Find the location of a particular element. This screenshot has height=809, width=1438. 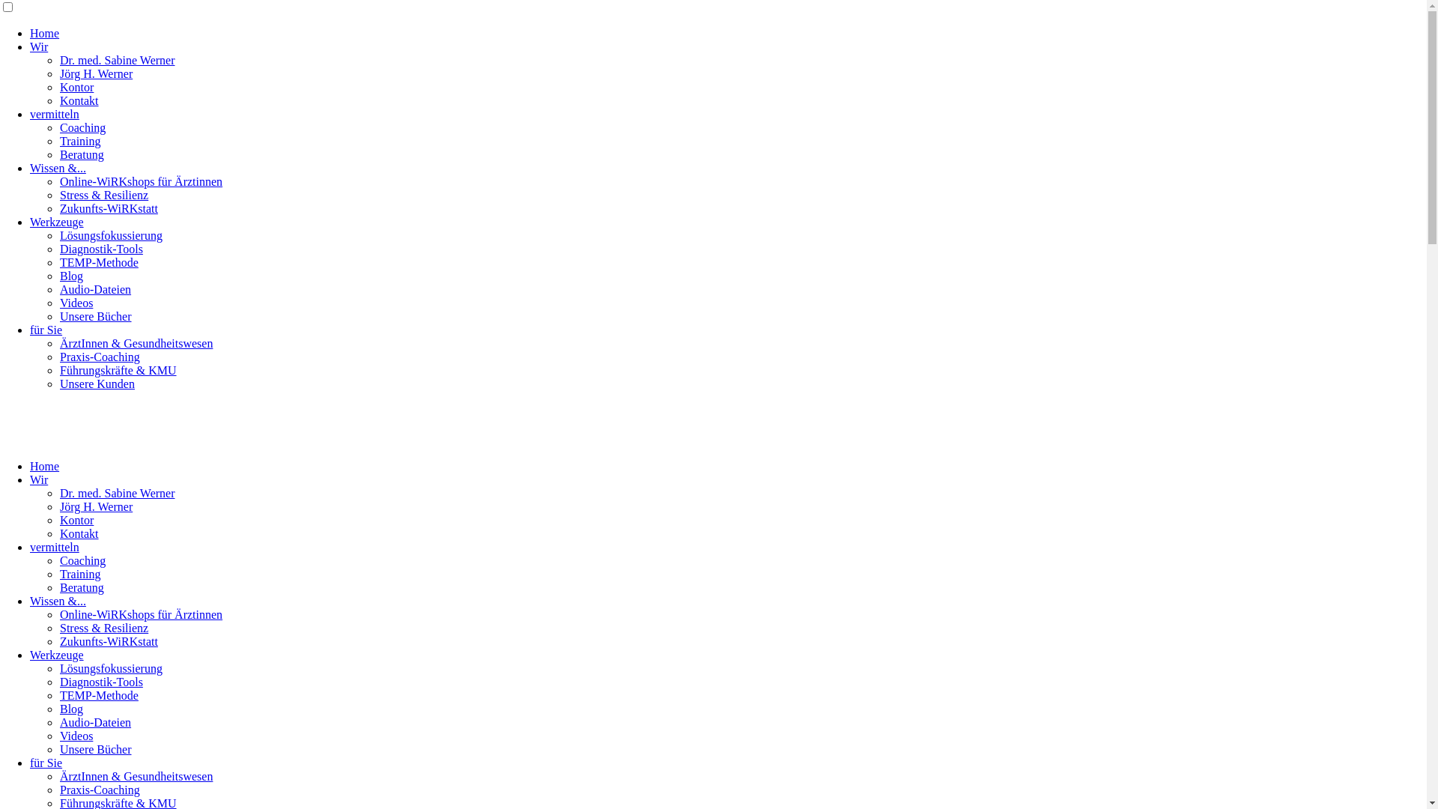

'Unsere Kunden' is located at coordinates (96, 383).